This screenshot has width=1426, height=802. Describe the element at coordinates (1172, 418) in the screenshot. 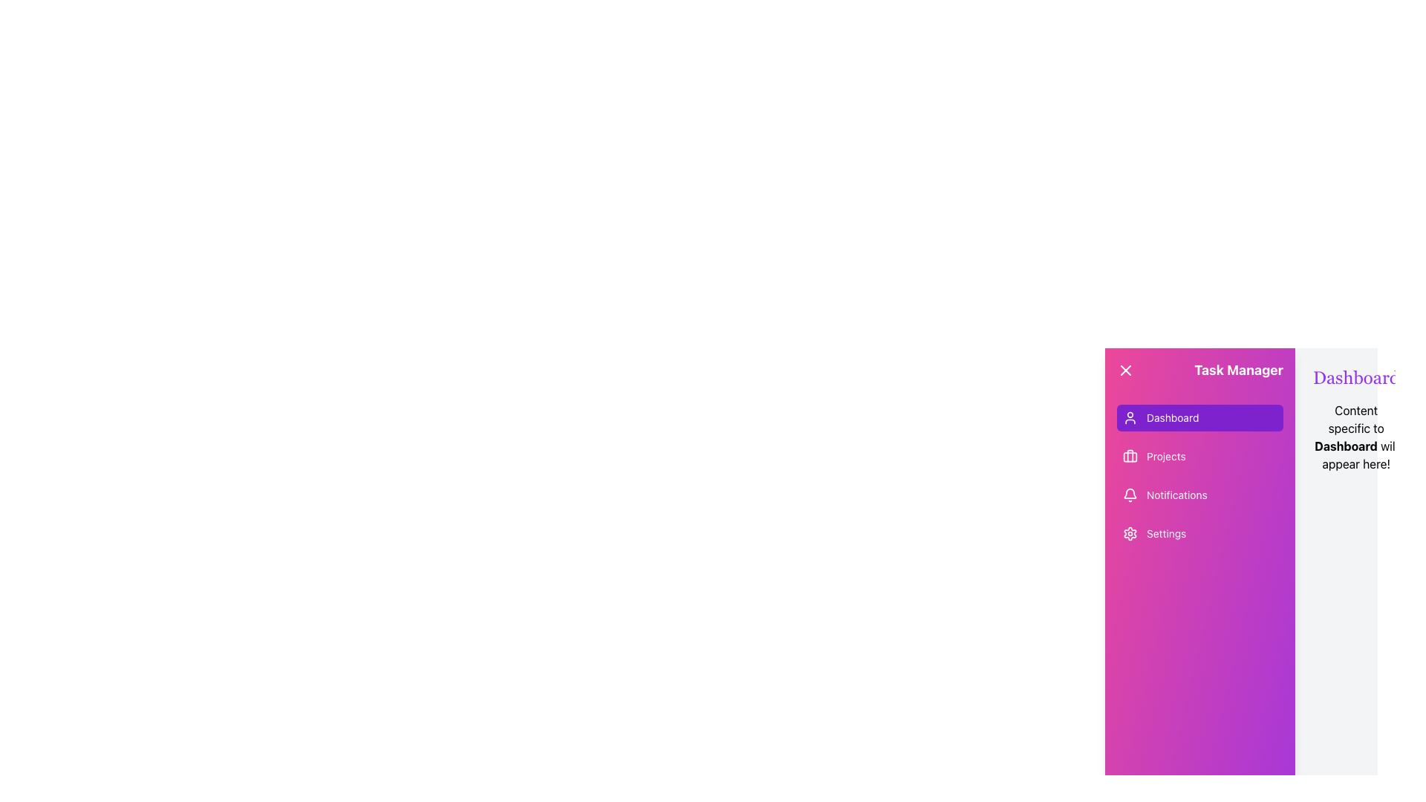

I see `the 'Dashboard' menu item in the left sidebar` at that location.